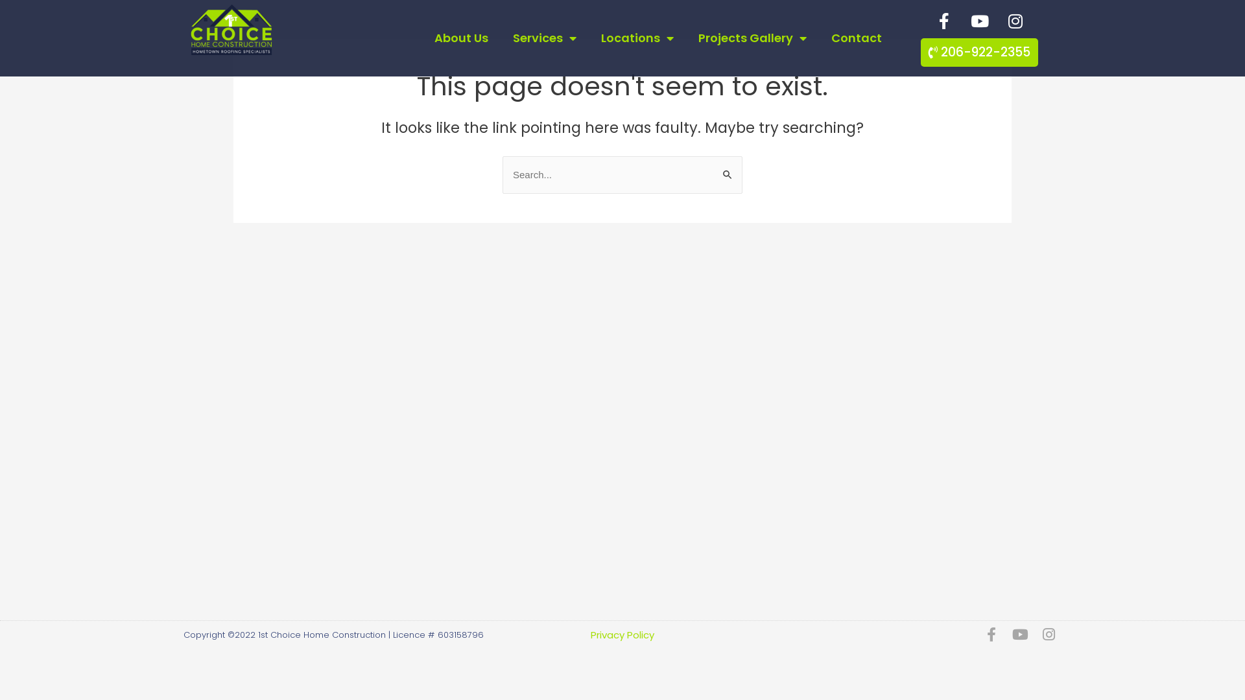  I want to click on 'Facebook-f', so click(943, 20).